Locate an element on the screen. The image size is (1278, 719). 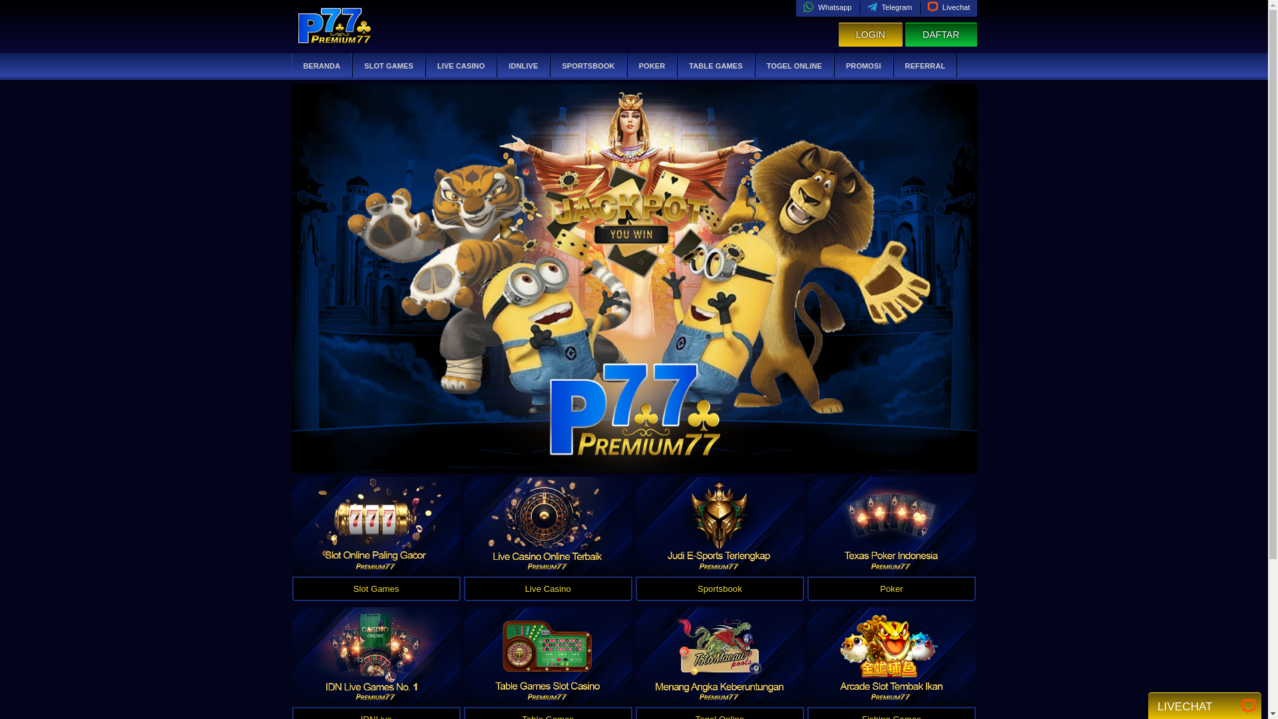
'IDNLIVE' is located at coordinates (523, 66).